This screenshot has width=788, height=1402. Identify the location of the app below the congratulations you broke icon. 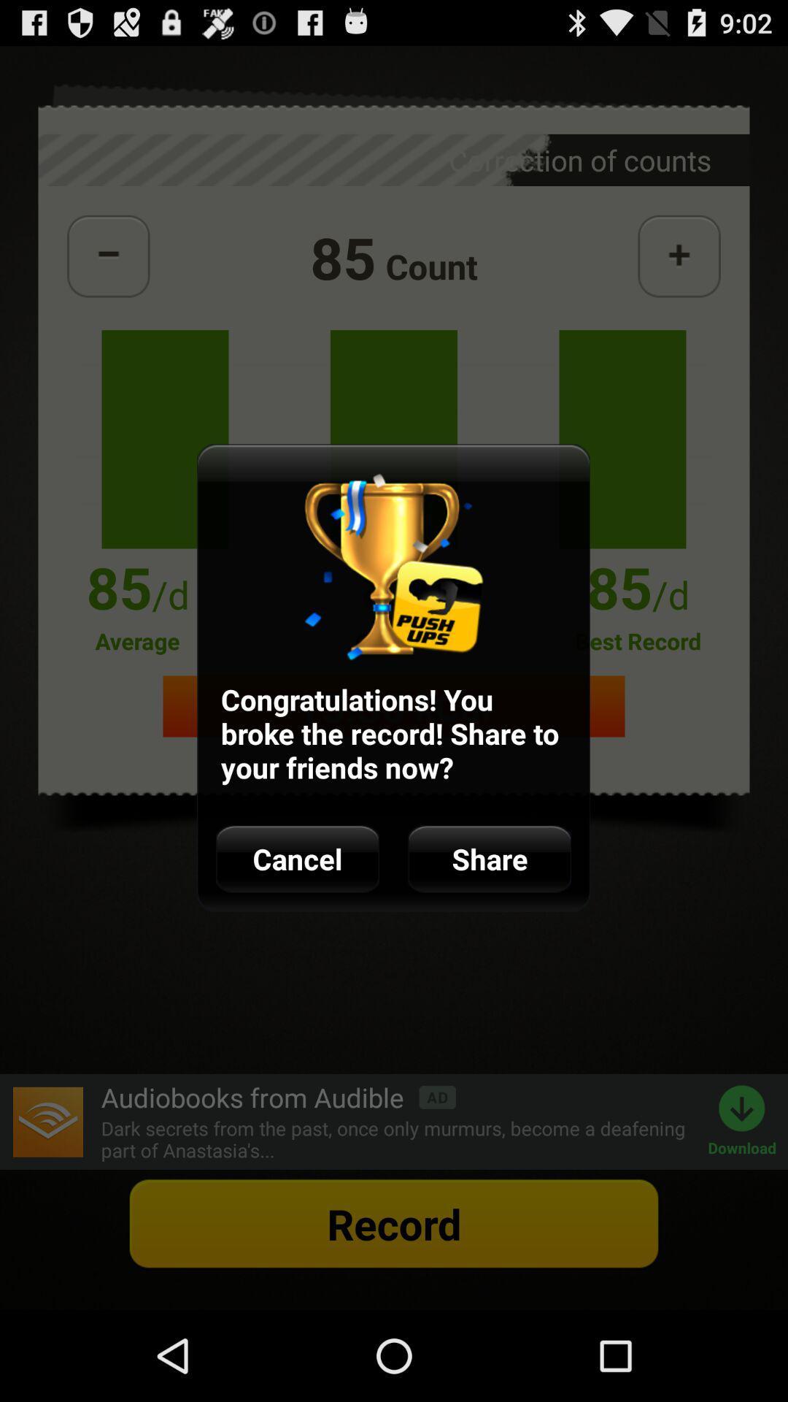
(297, 859).